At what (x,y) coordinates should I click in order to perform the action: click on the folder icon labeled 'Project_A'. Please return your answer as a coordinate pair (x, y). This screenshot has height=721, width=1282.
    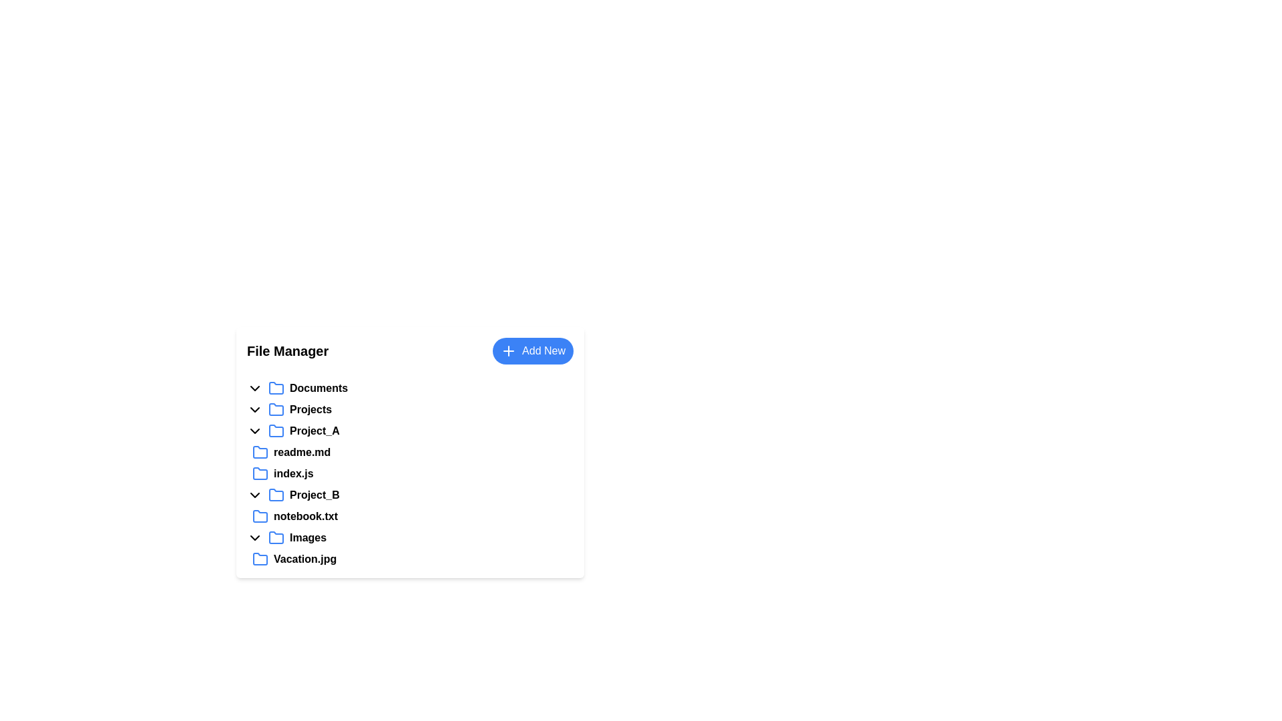
    Looking at the image, I should click on (260, 451).